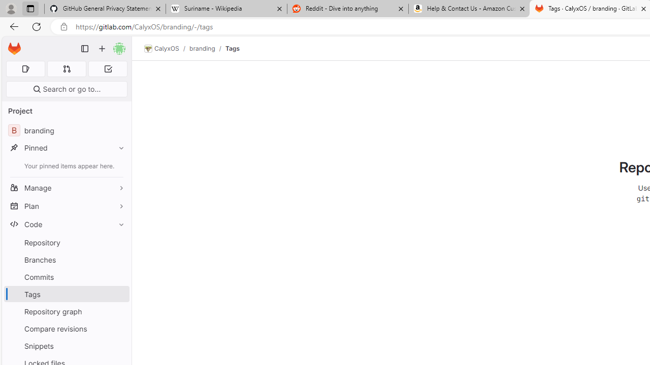 The height and width of the screenshot is (365, 650). What do you see at coordinates (14, 49) in the screenshot?
I see `'Homepage'` at bounding box center [14, 49].